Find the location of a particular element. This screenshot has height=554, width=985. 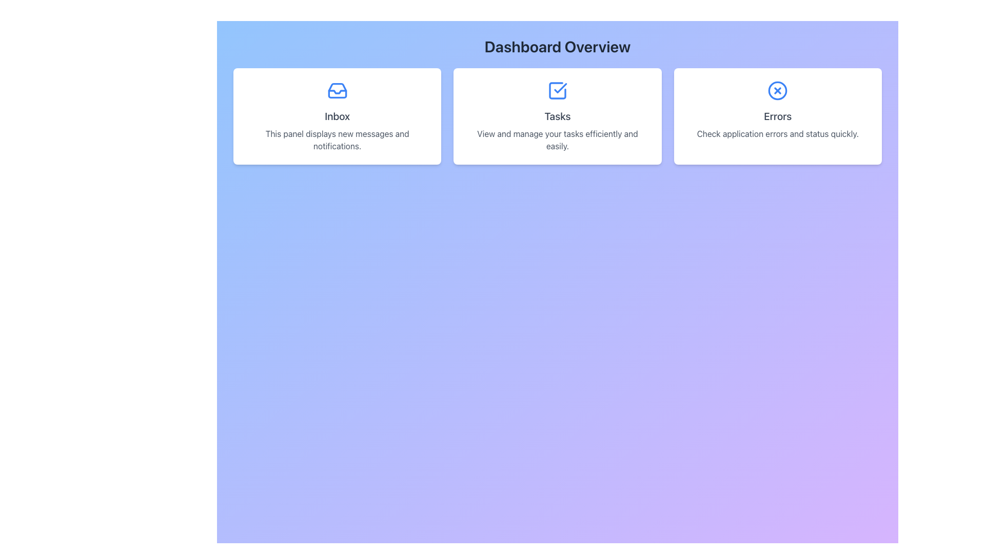

text label indicating 'Errors' located in the rightmost card under the 'Dashboard Overview' heading, which serves as a title for the card is located at coordinates (778, 116).